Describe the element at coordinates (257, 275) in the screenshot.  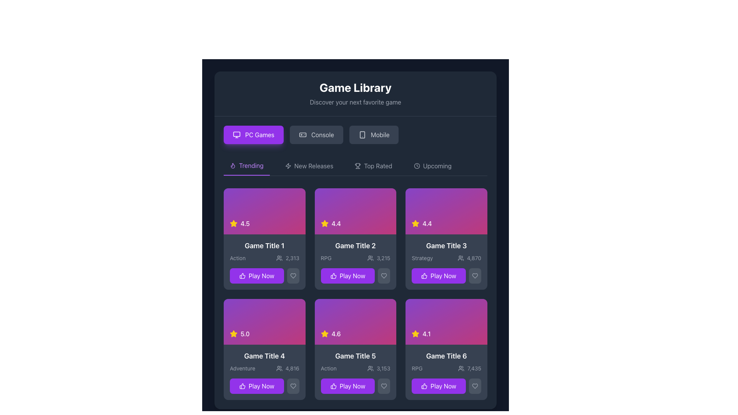
I see `the rectangular 'Play Now' button with a purple background and white text, located in the first card of the grid under the 'Trending' section, to initiate the play action` at that location.